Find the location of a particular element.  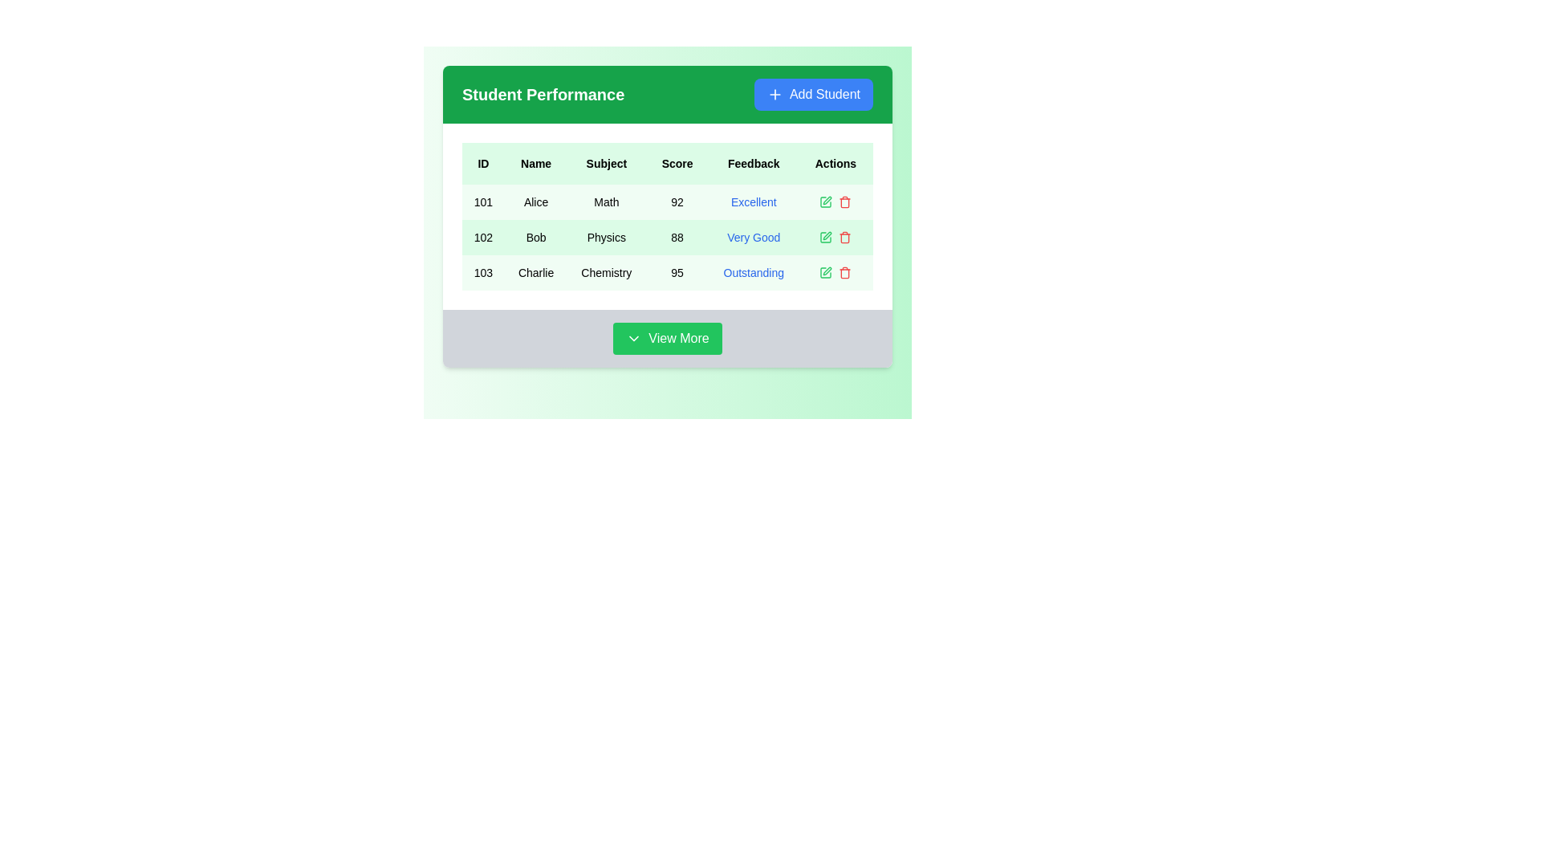

the Table Header that spans the entire width of the table and defines the column titles for student information is located at coordinates (667, 164).